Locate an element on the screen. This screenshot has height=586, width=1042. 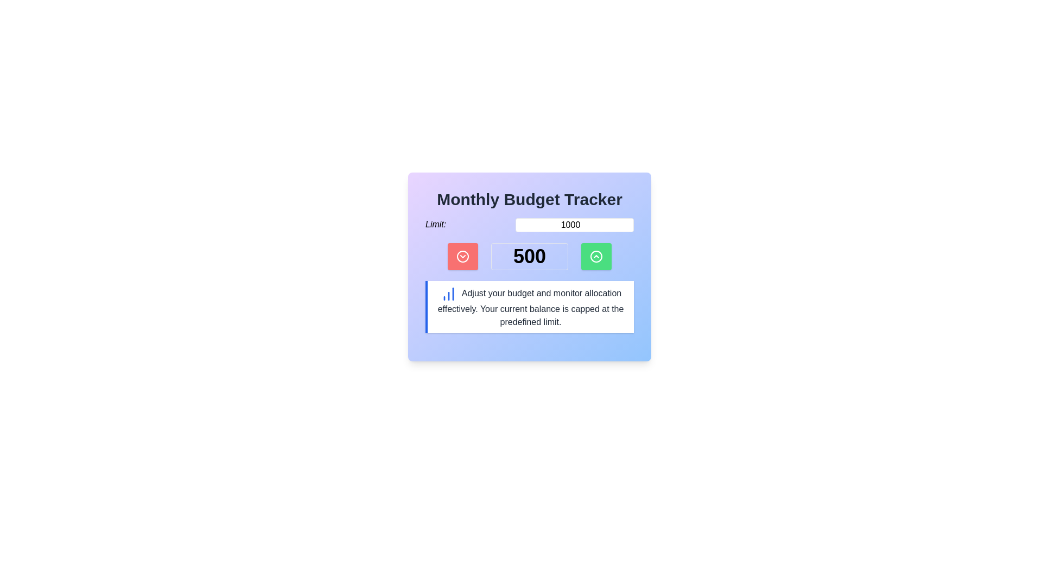
the Number input field located to the right of the 'Limit:' label in the 'Monthly Budget Tracker' section is located at coordinates (574, 225).